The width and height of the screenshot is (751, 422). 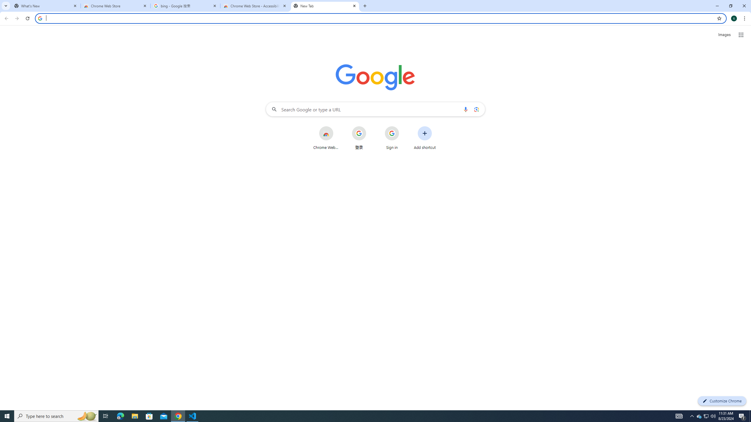 I want to click on 'Search Google or type a URL', so click(x=375, y=109).